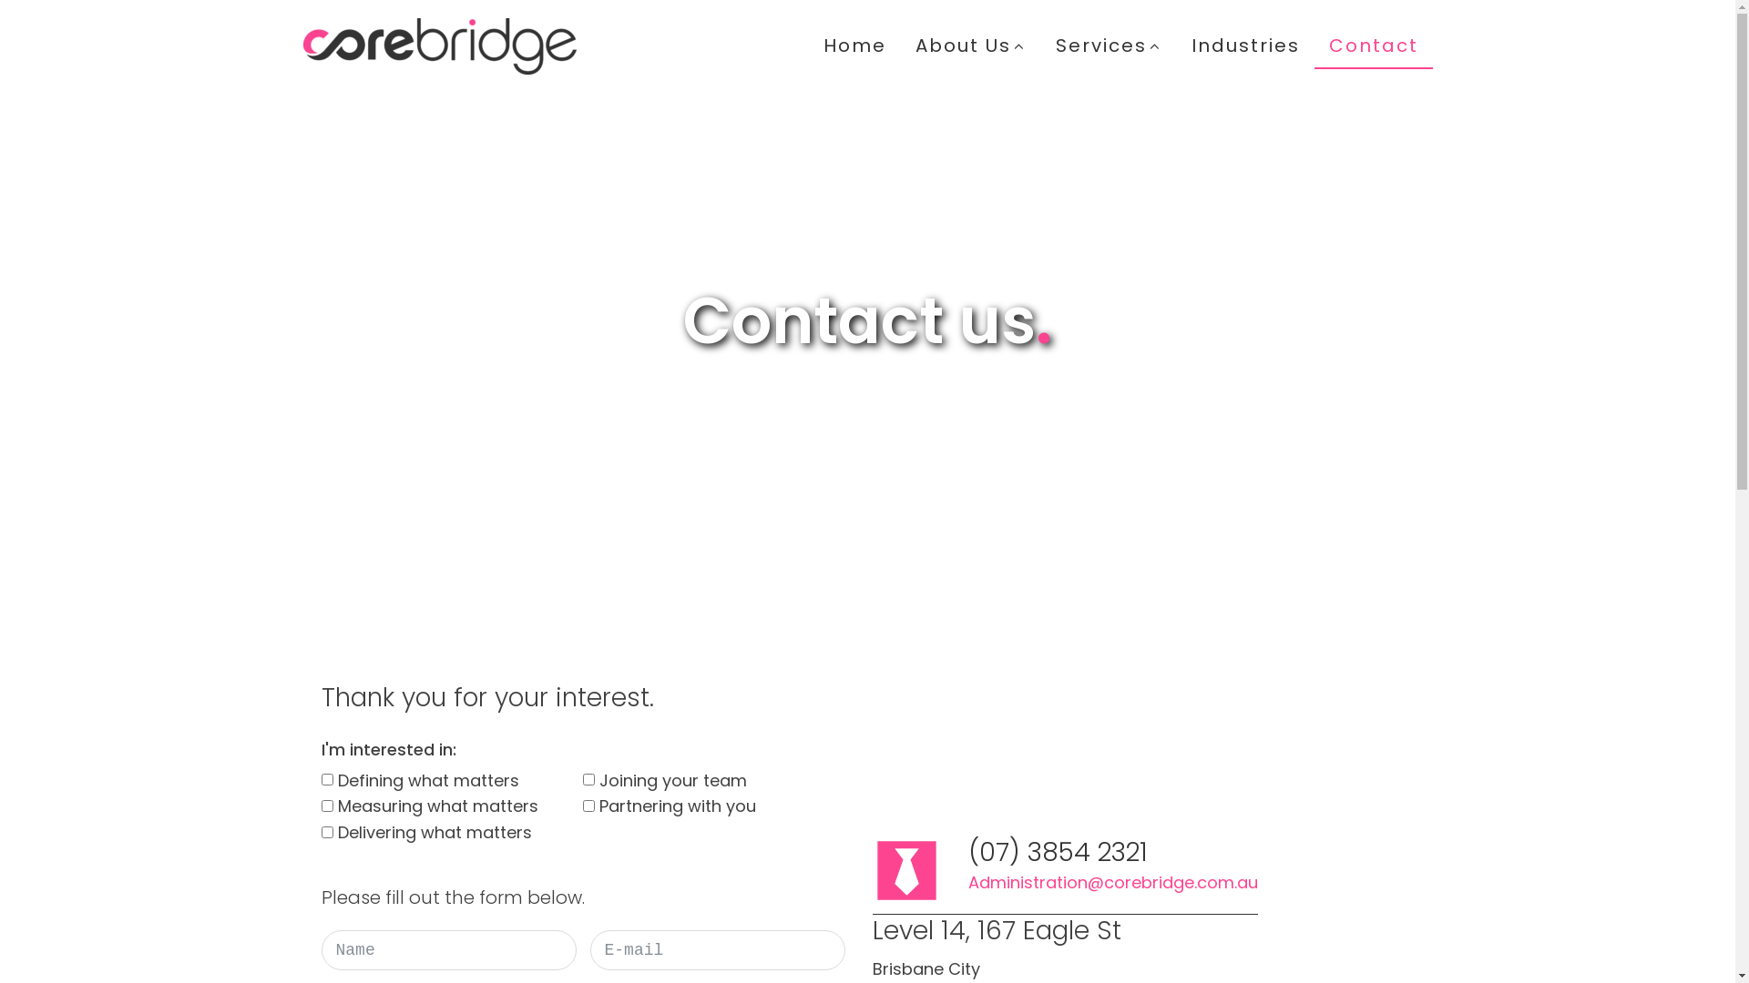  What do you see at coordinates (969, 45) in the screenshot?
I see `'About Us'` at bounding box center [969, 45].